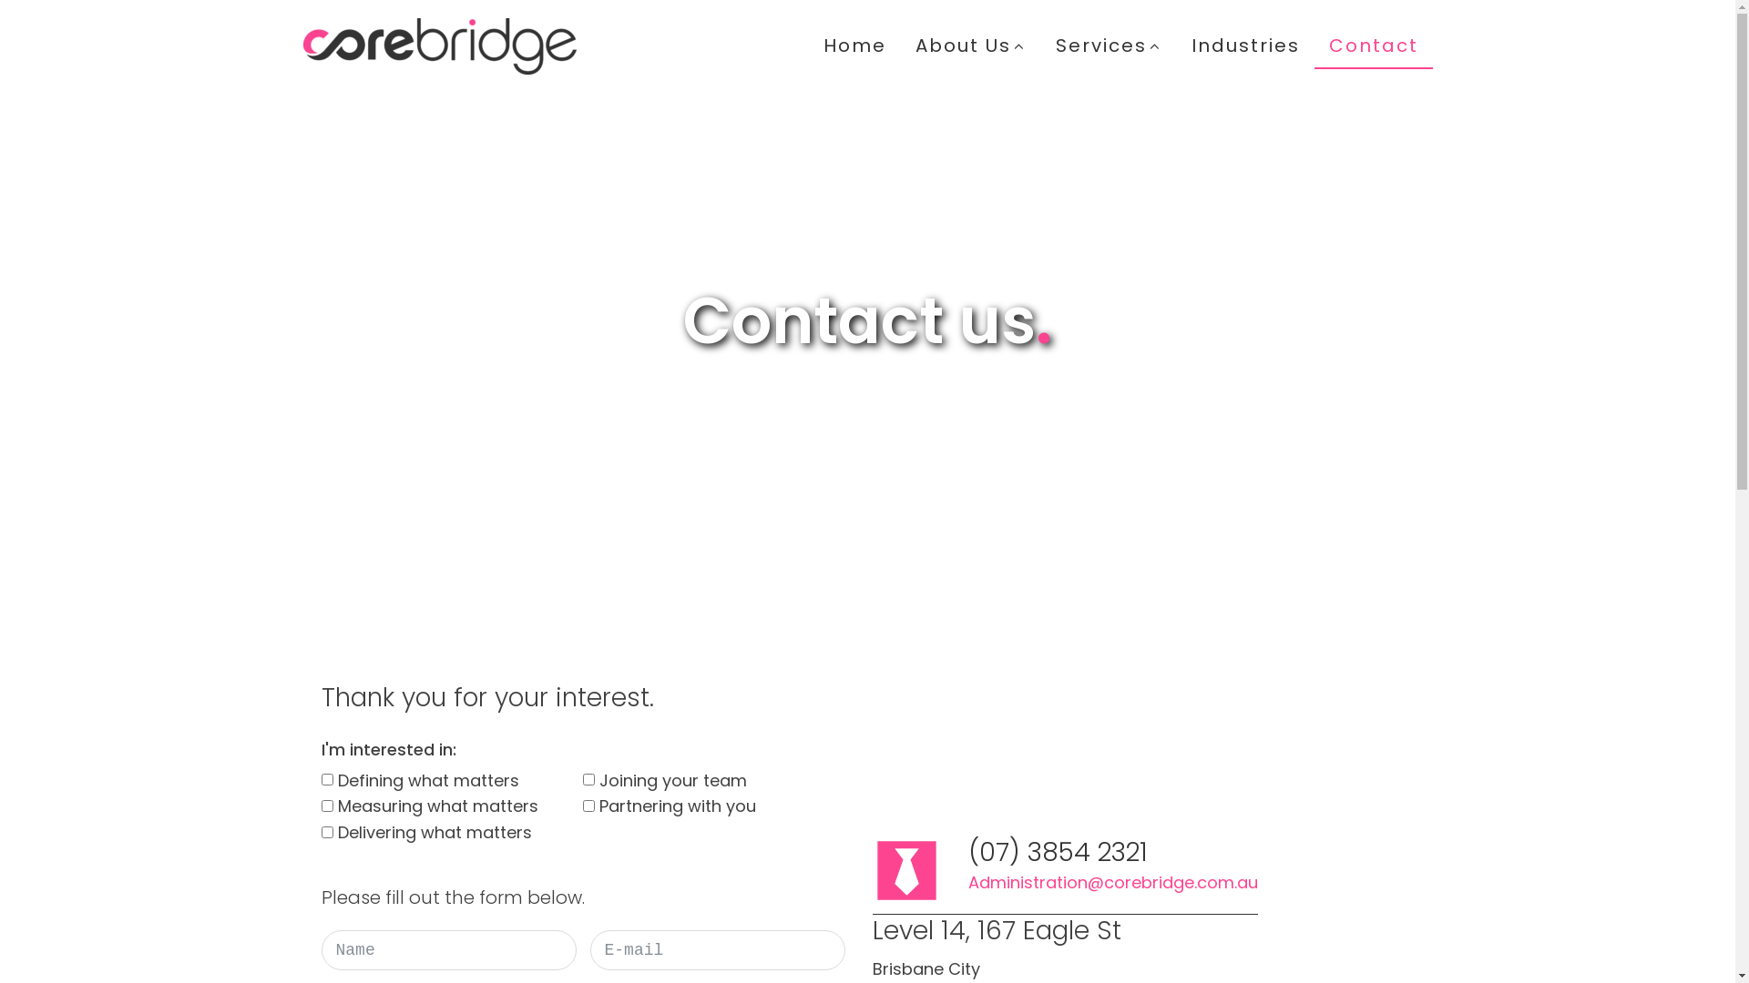  What do you see at coordinates (969, 45) in the screenshot?
I see `'About Us'` at bounding box center [969, 45].